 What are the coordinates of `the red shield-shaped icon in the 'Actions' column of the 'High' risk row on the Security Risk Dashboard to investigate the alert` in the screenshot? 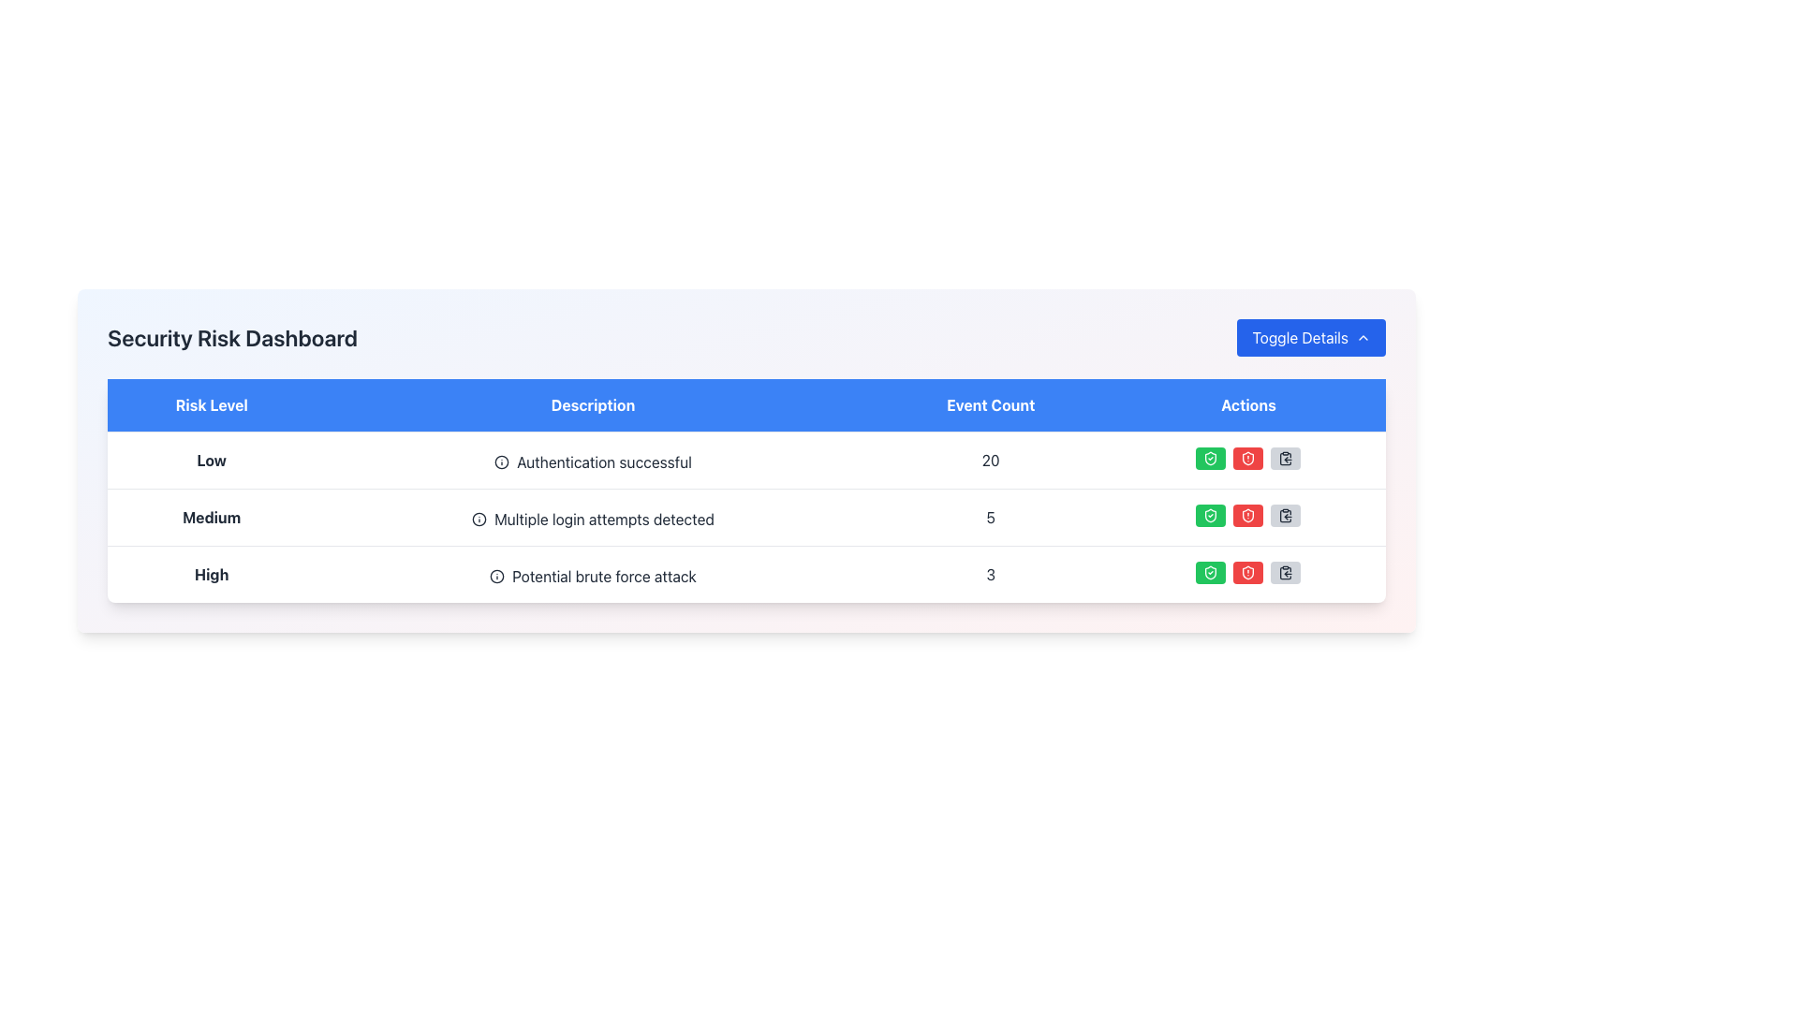 It's located at (1248, 458).